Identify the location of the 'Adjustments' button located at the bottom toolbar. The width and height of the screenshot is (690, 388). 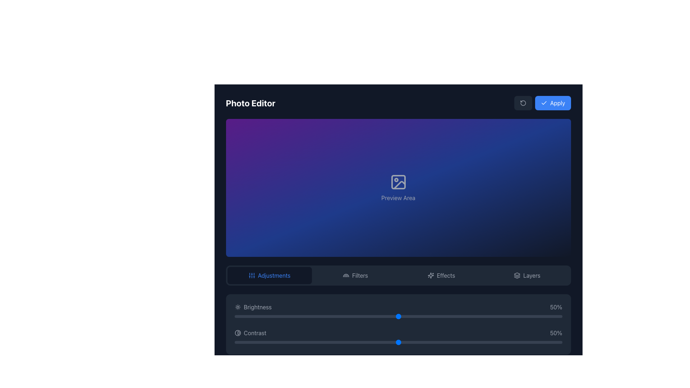
(269, 275).